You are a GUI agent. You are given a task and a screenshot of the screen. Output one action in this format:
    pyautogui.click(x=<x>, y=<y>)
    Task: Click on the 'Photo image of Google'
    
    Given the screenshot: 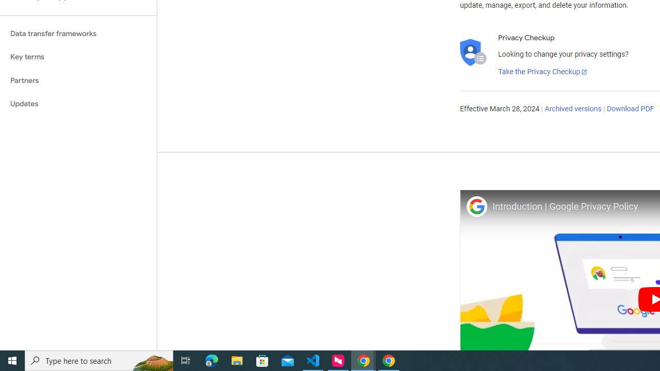 What is the action you would take?
    pyautogui.click(x=476, y=206)
    